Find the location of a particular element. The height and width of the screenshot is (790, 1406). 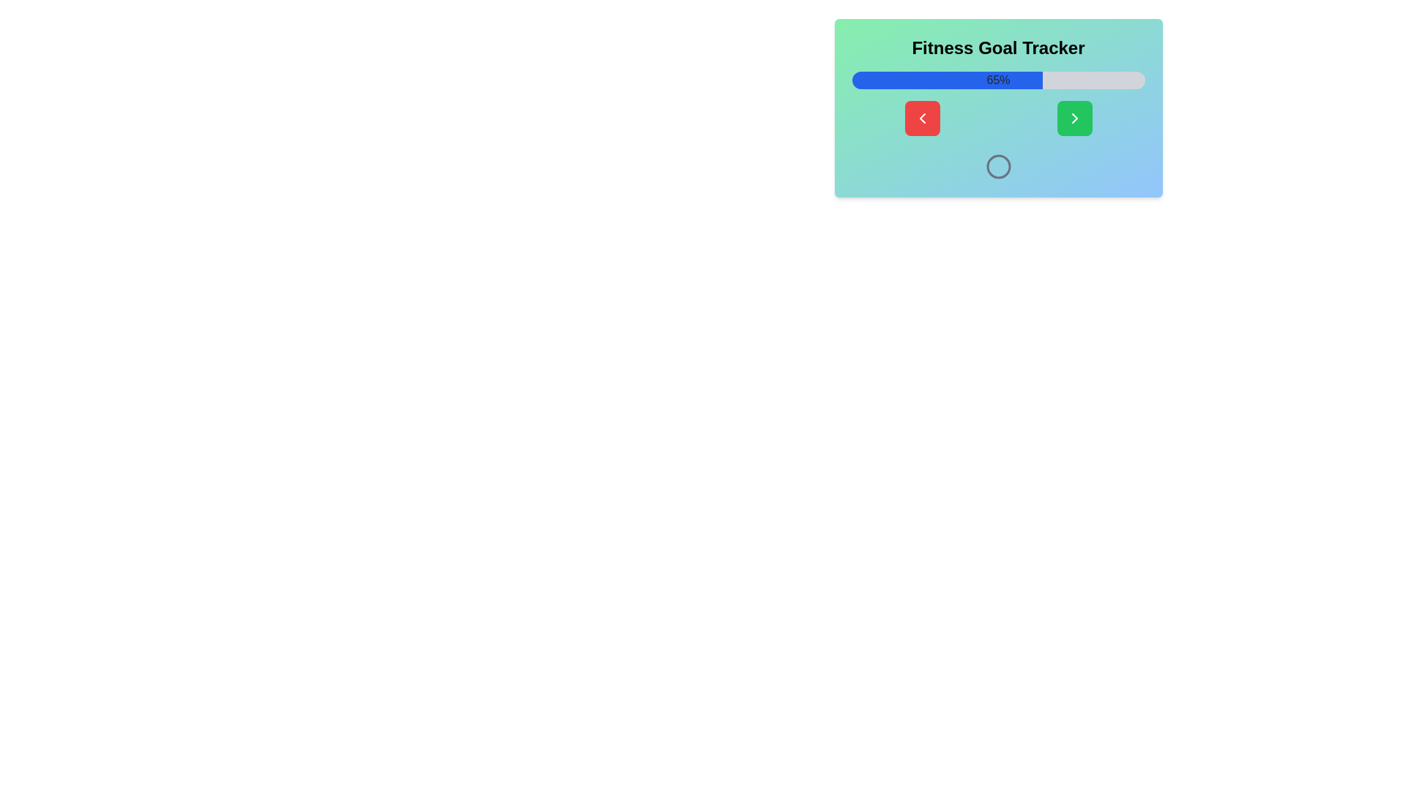

the blue progress indicator segment representing 65% completion in the Fitness Goal Tracker interface is located at coordinates (947, 80).